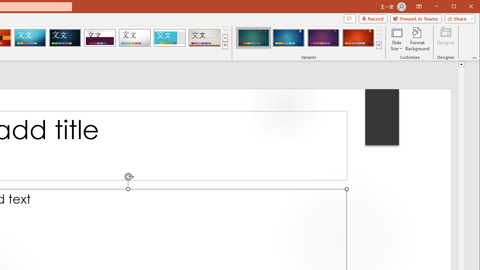 The height and width of the screenshot is (270, 480). Describe the element at coordinates (99, 37) in the screenshot. I see `'Dividend'` at that location.